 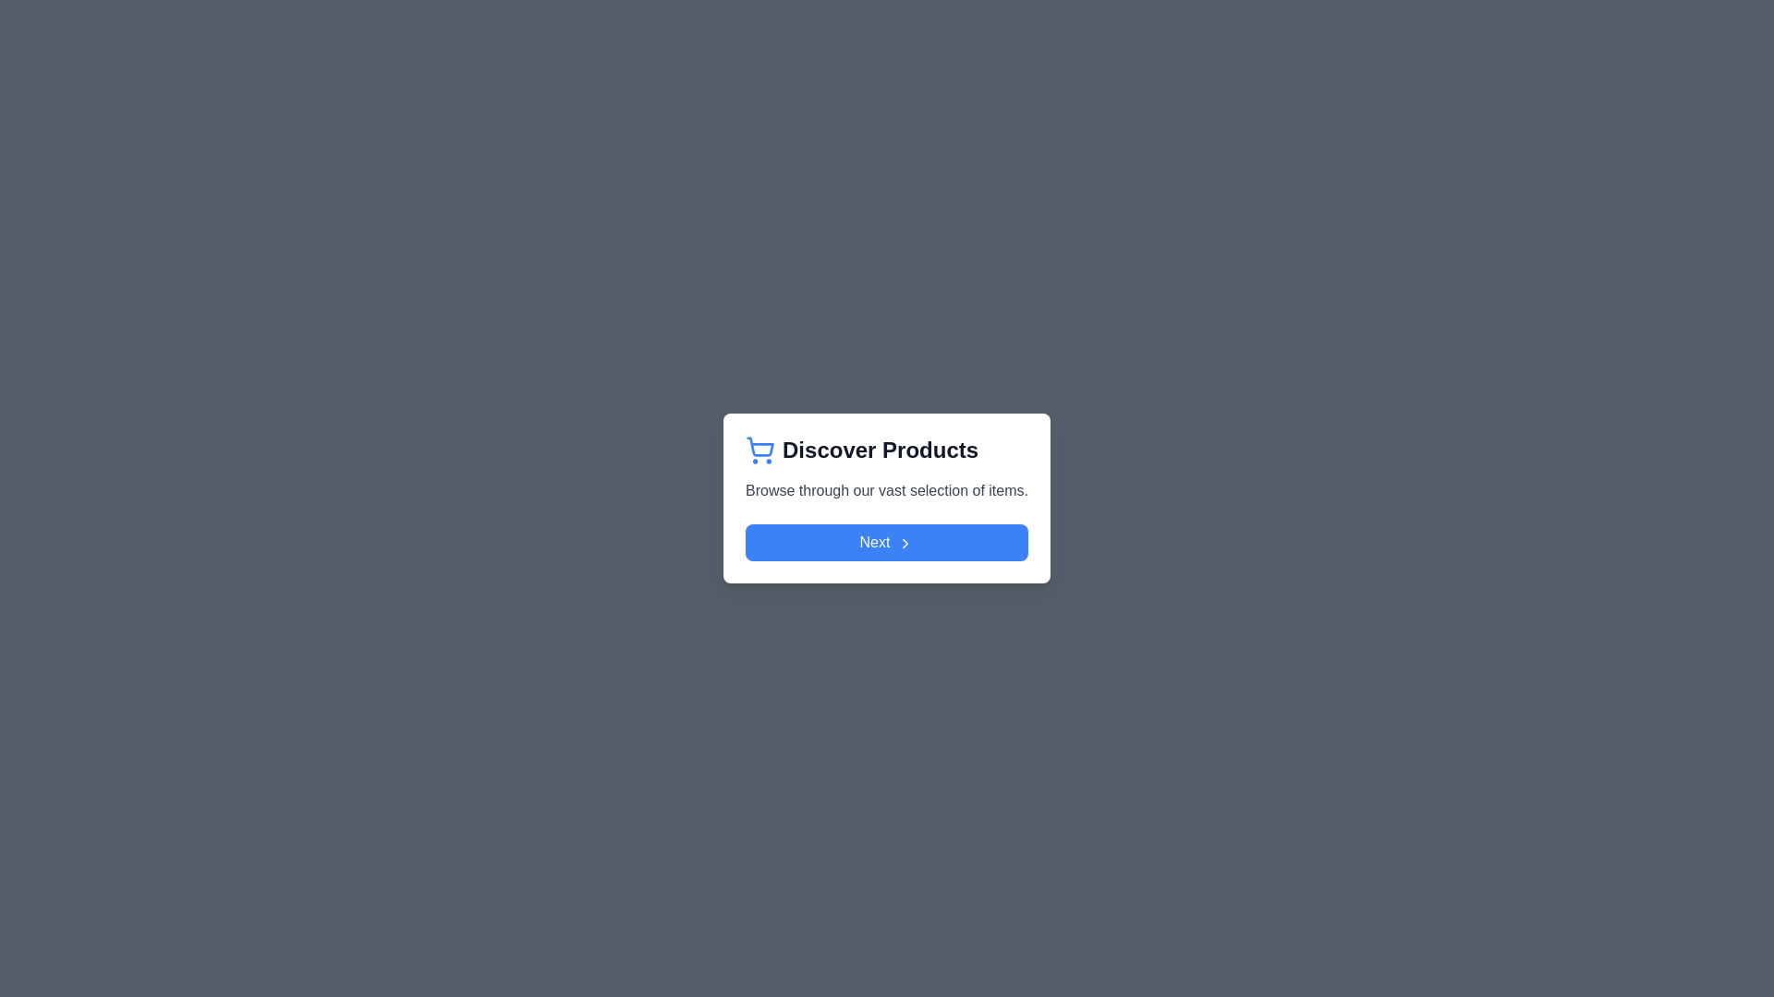 I want to click on the rightward-facing chevron arrow icon located near the 'Next' button within a centered dialog box, so click(x=905, y=542).